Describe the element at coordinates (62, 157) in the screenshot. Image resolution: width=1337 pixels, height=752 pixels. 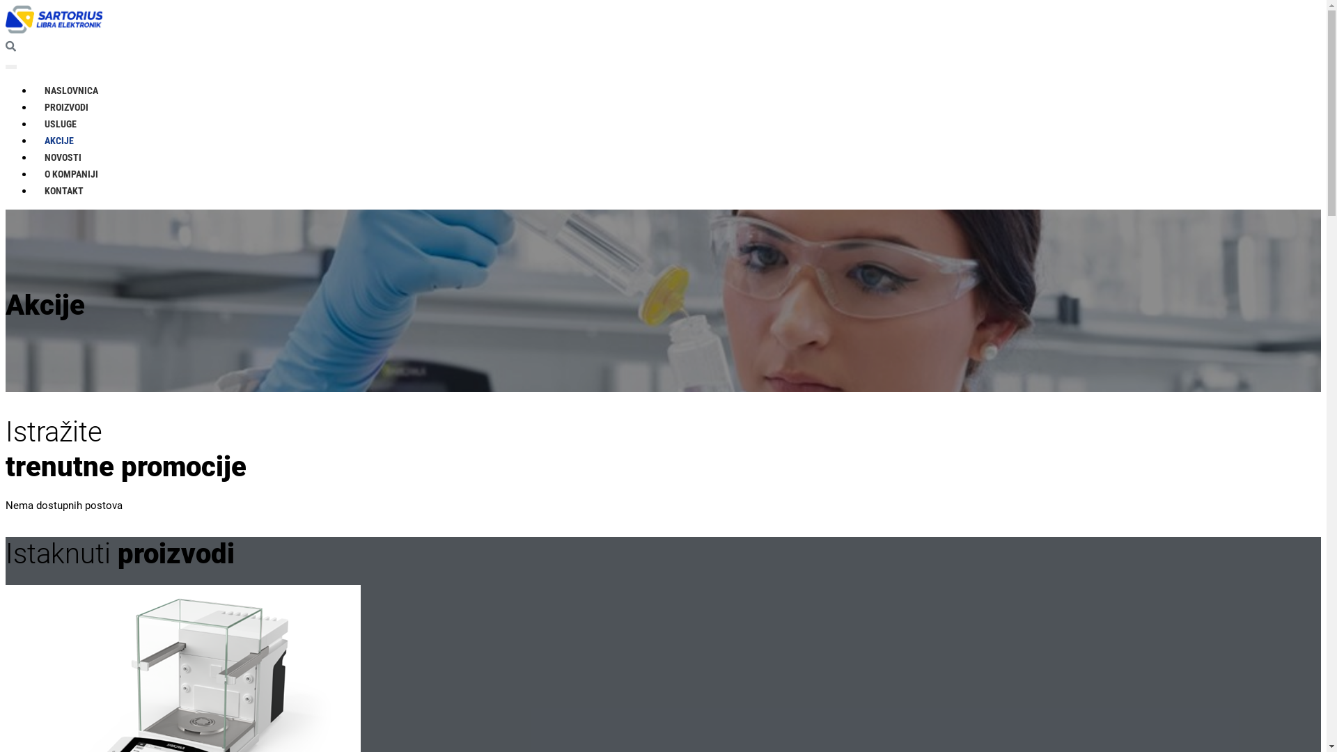
I see `'NOVOSTI'` at that location.